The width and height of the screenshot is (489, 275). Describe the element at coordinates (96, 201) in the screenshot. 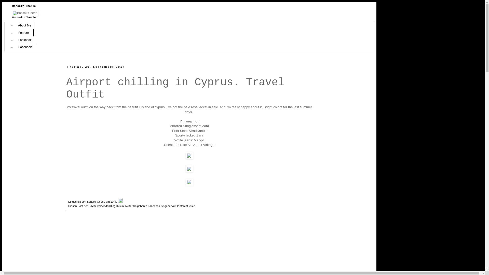

I see `'Bonsoir Cherie'` at that location.